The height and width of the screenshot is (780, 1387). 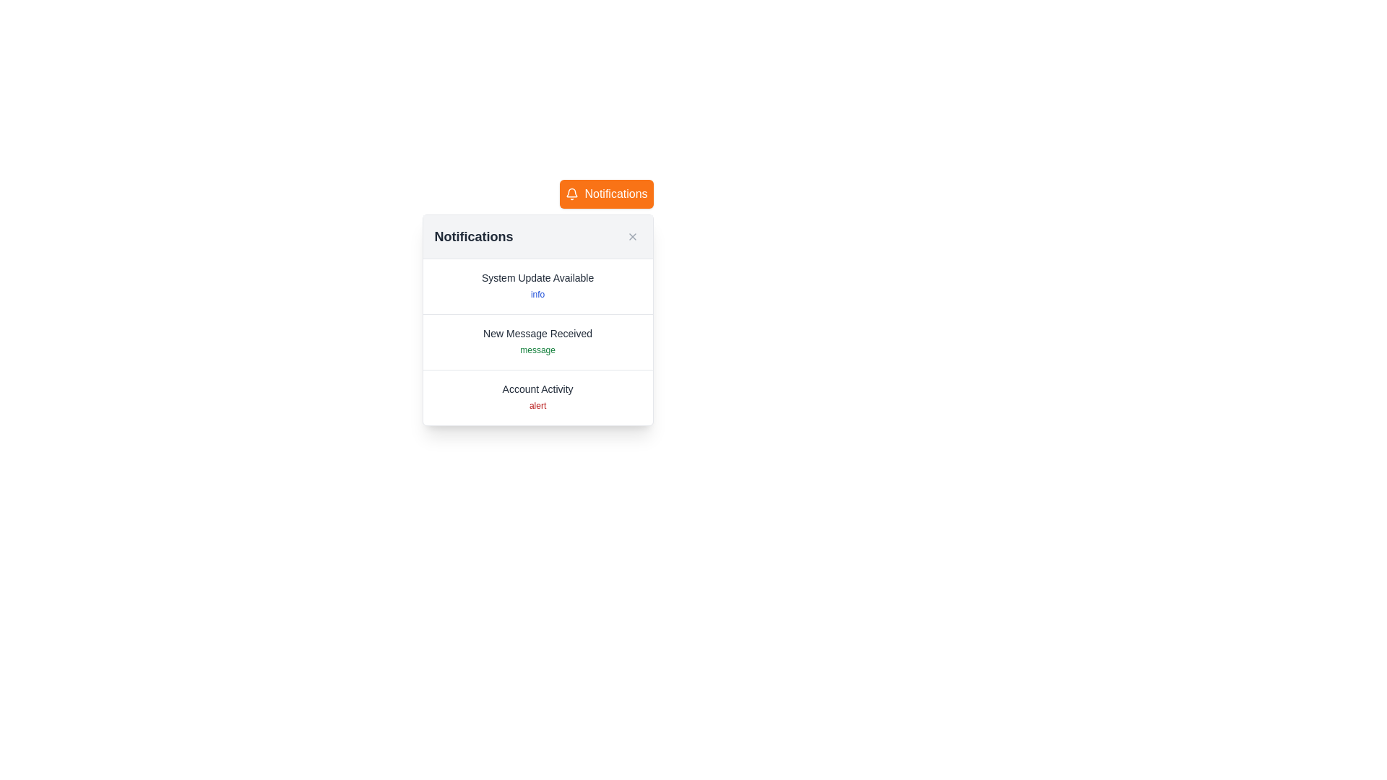 I want to click on information displayed in the system update notification, which is the first item in the notification panel, so click(x=537, y=287).